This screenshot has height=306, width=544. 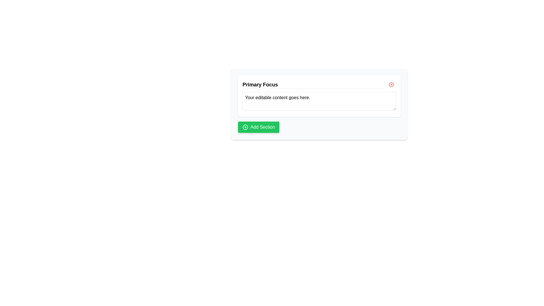 What do you see at coordinates (319, 96) in the screenshot?
I see `the title 'Primary Focus' of the composite UI component for accessibility or navigation support` at bounding box center [319, 96].